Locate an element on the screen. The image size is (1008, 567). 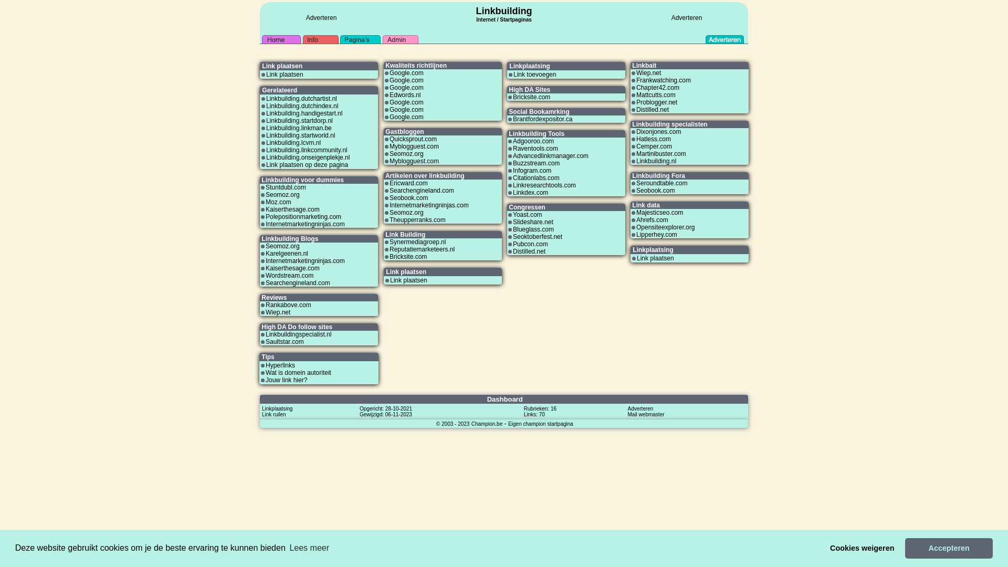
'Advancedlinkmanager.com' is located at coordinates (550, 156).